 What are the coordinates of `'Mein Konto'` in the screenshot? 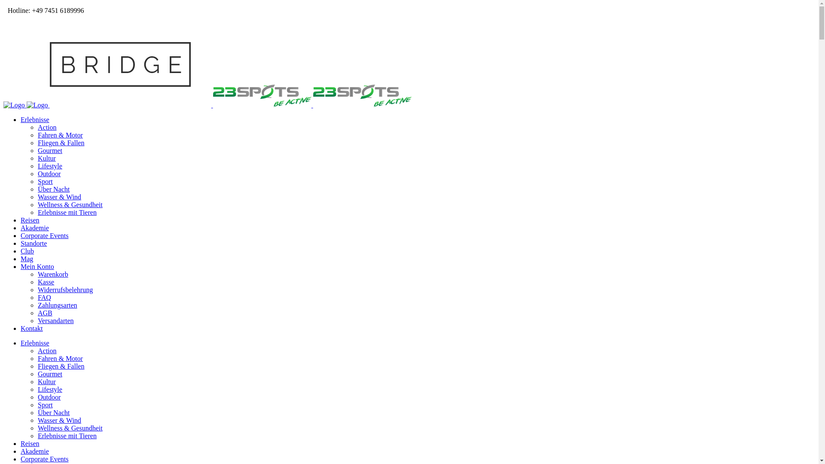 It's located at (37, 266).